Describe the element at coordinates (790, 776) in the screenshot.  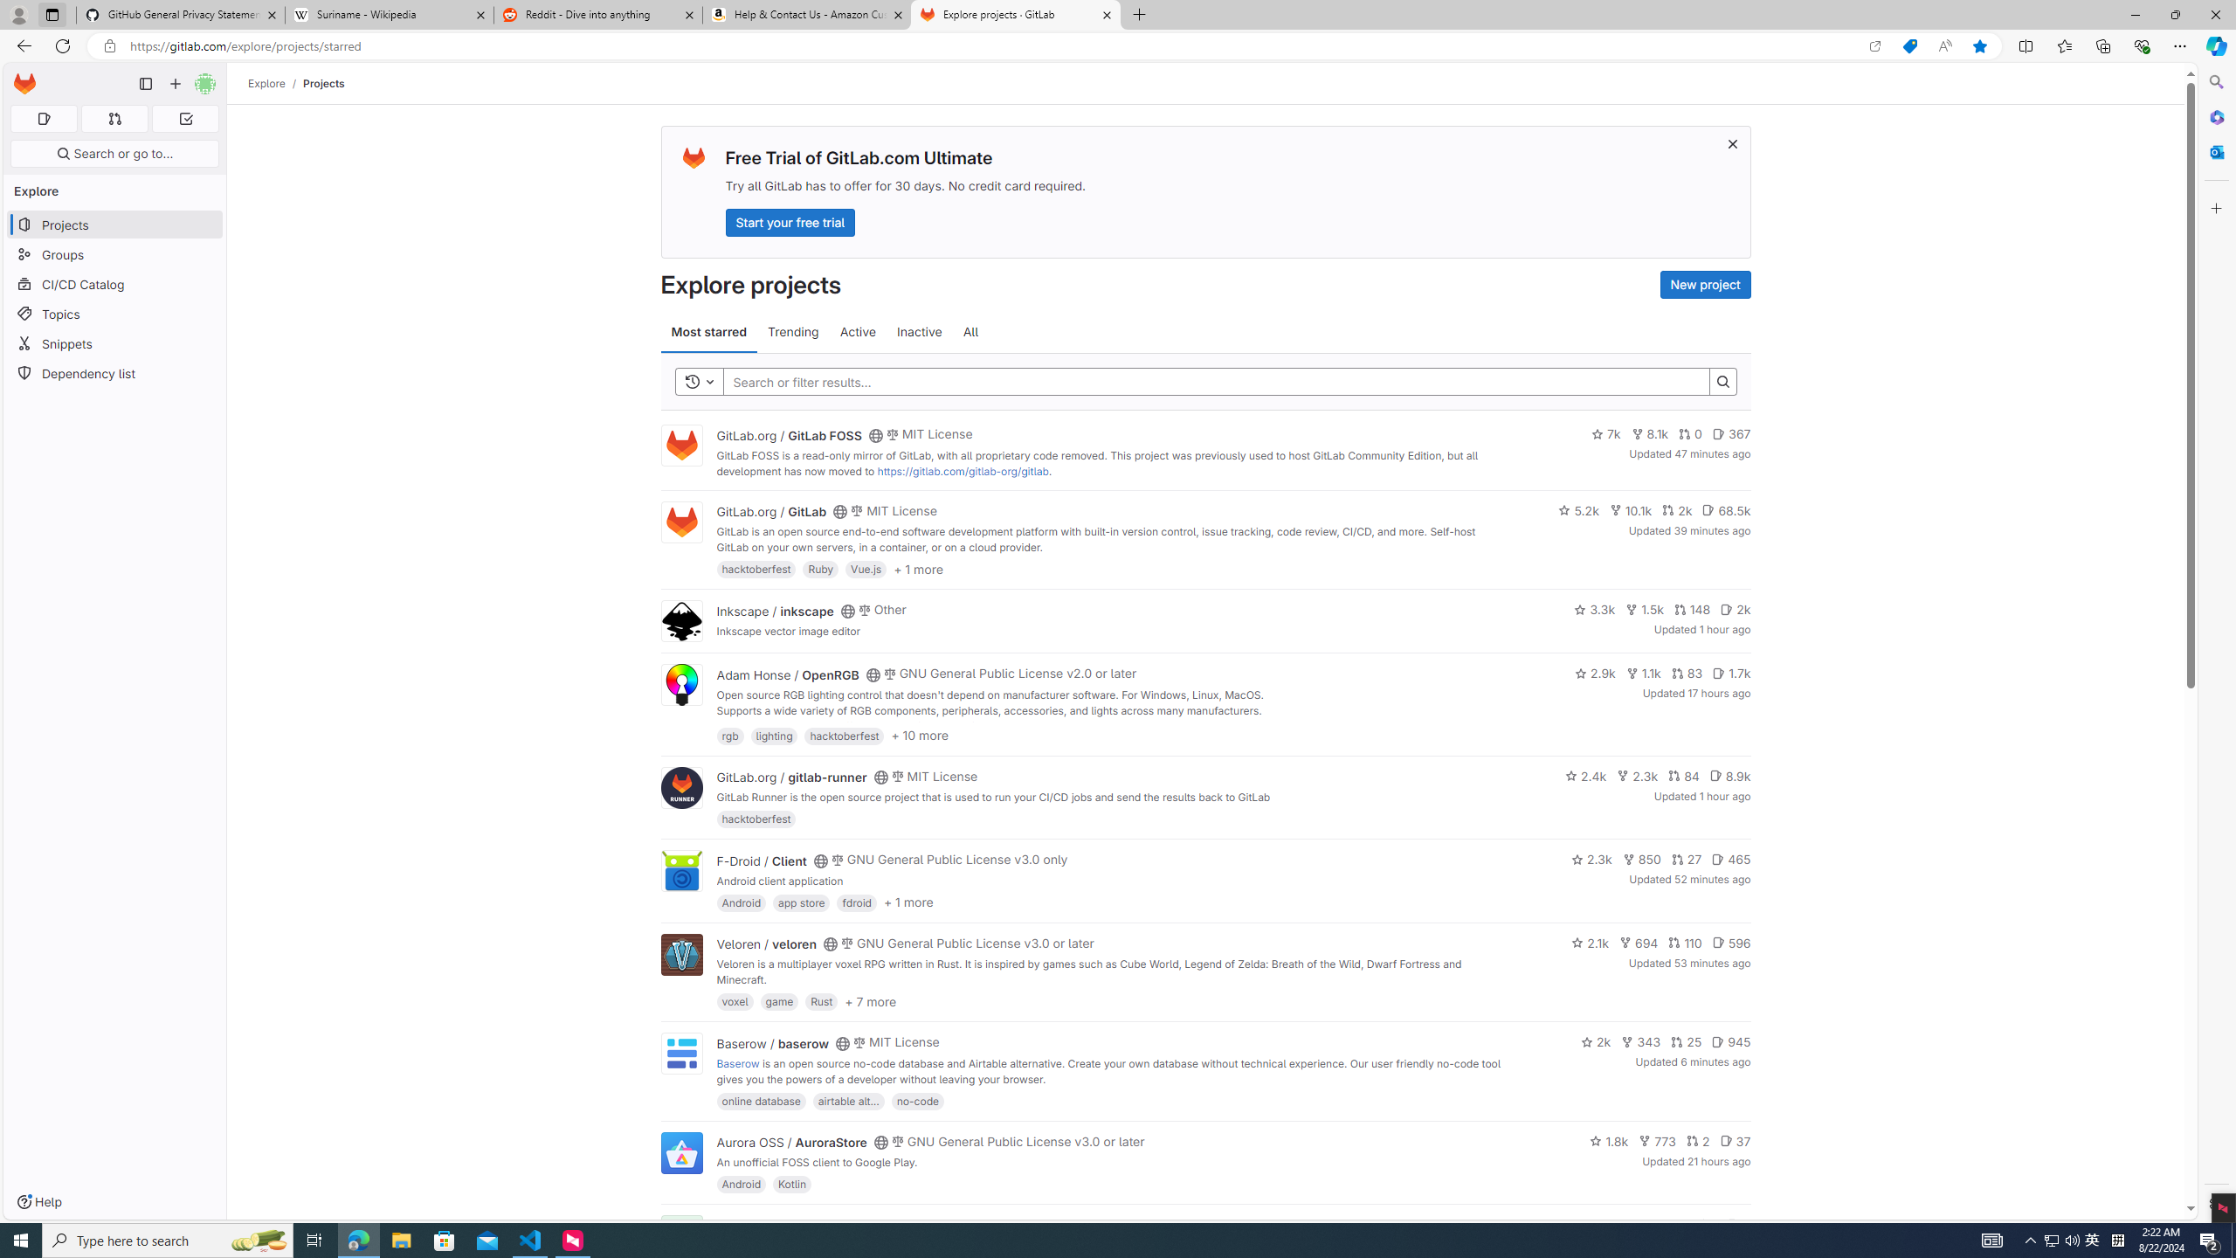
I see `'GitLab.org / gitlab-runner'` at that location.